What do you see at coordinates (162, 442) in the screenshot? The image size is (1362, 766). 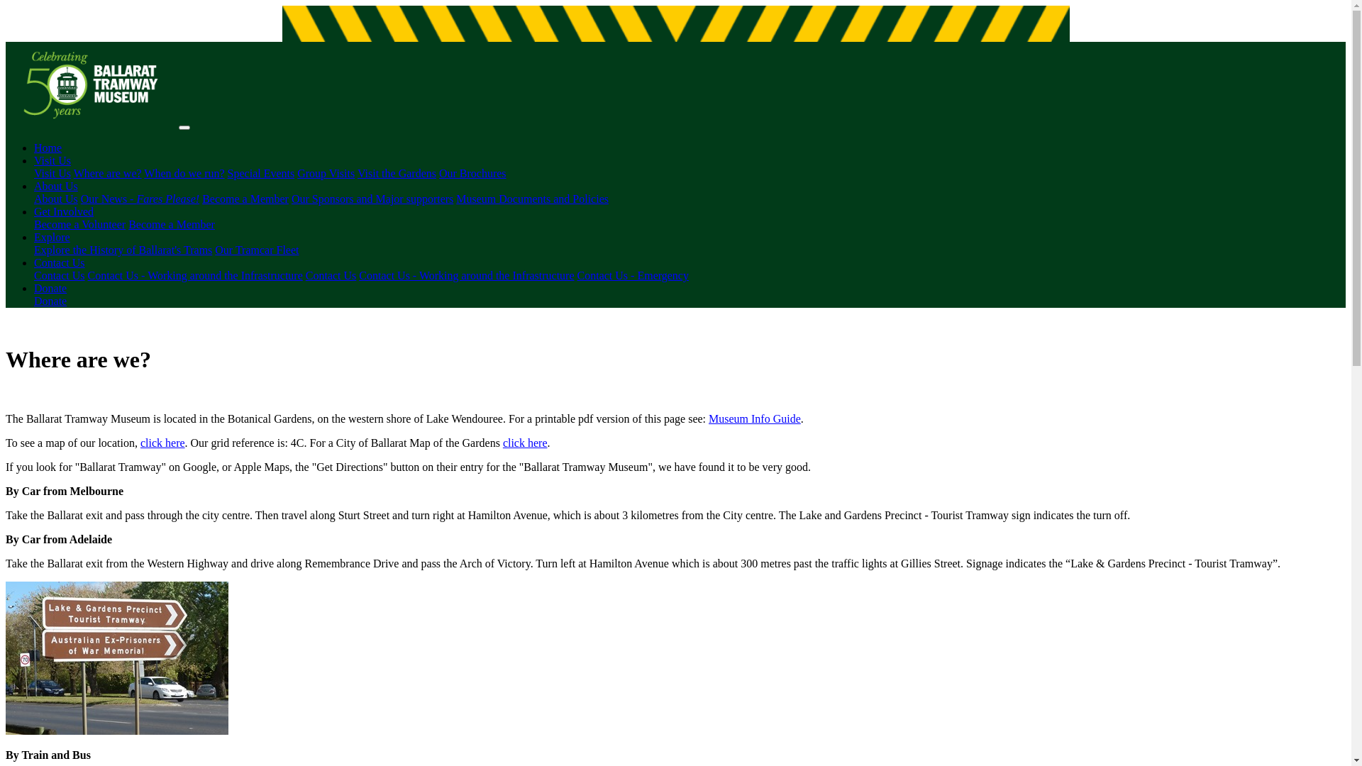 I see `'click here'` at bounding box center [162, 442].